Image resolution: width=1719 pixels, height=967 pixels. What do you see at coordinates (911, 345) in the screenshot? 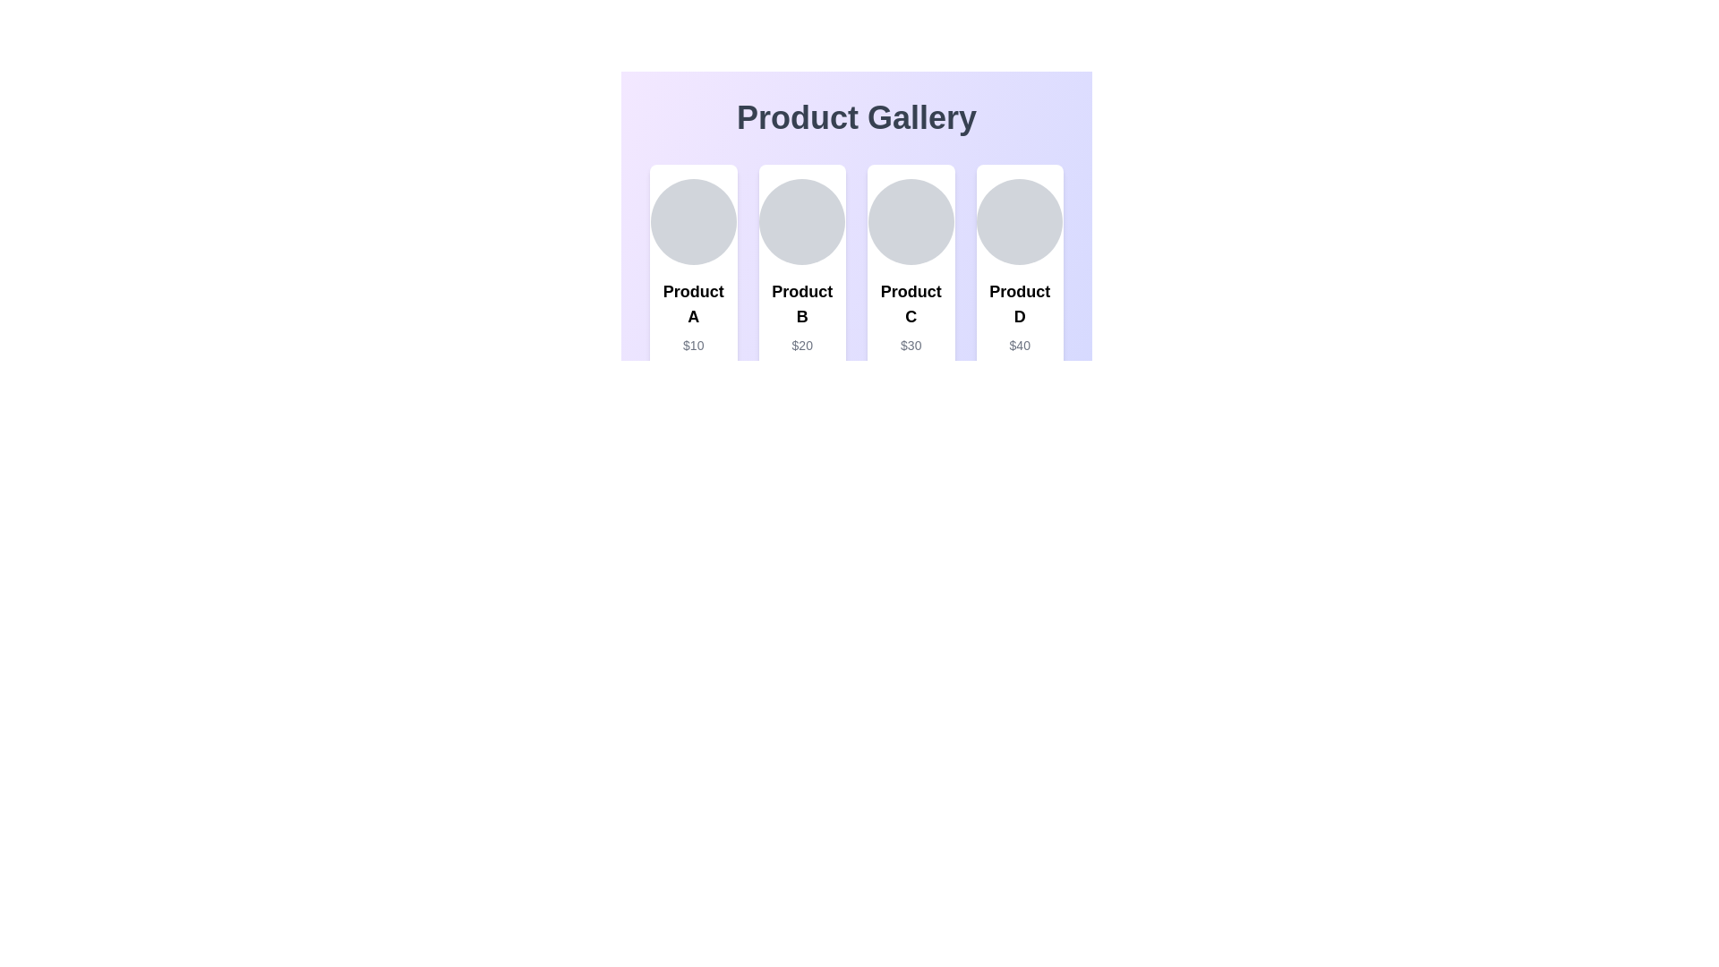
I see `the price text label displaying '$30', which is styled in a small gray font and located below 'Product C'` at bounding box center [911, 345].